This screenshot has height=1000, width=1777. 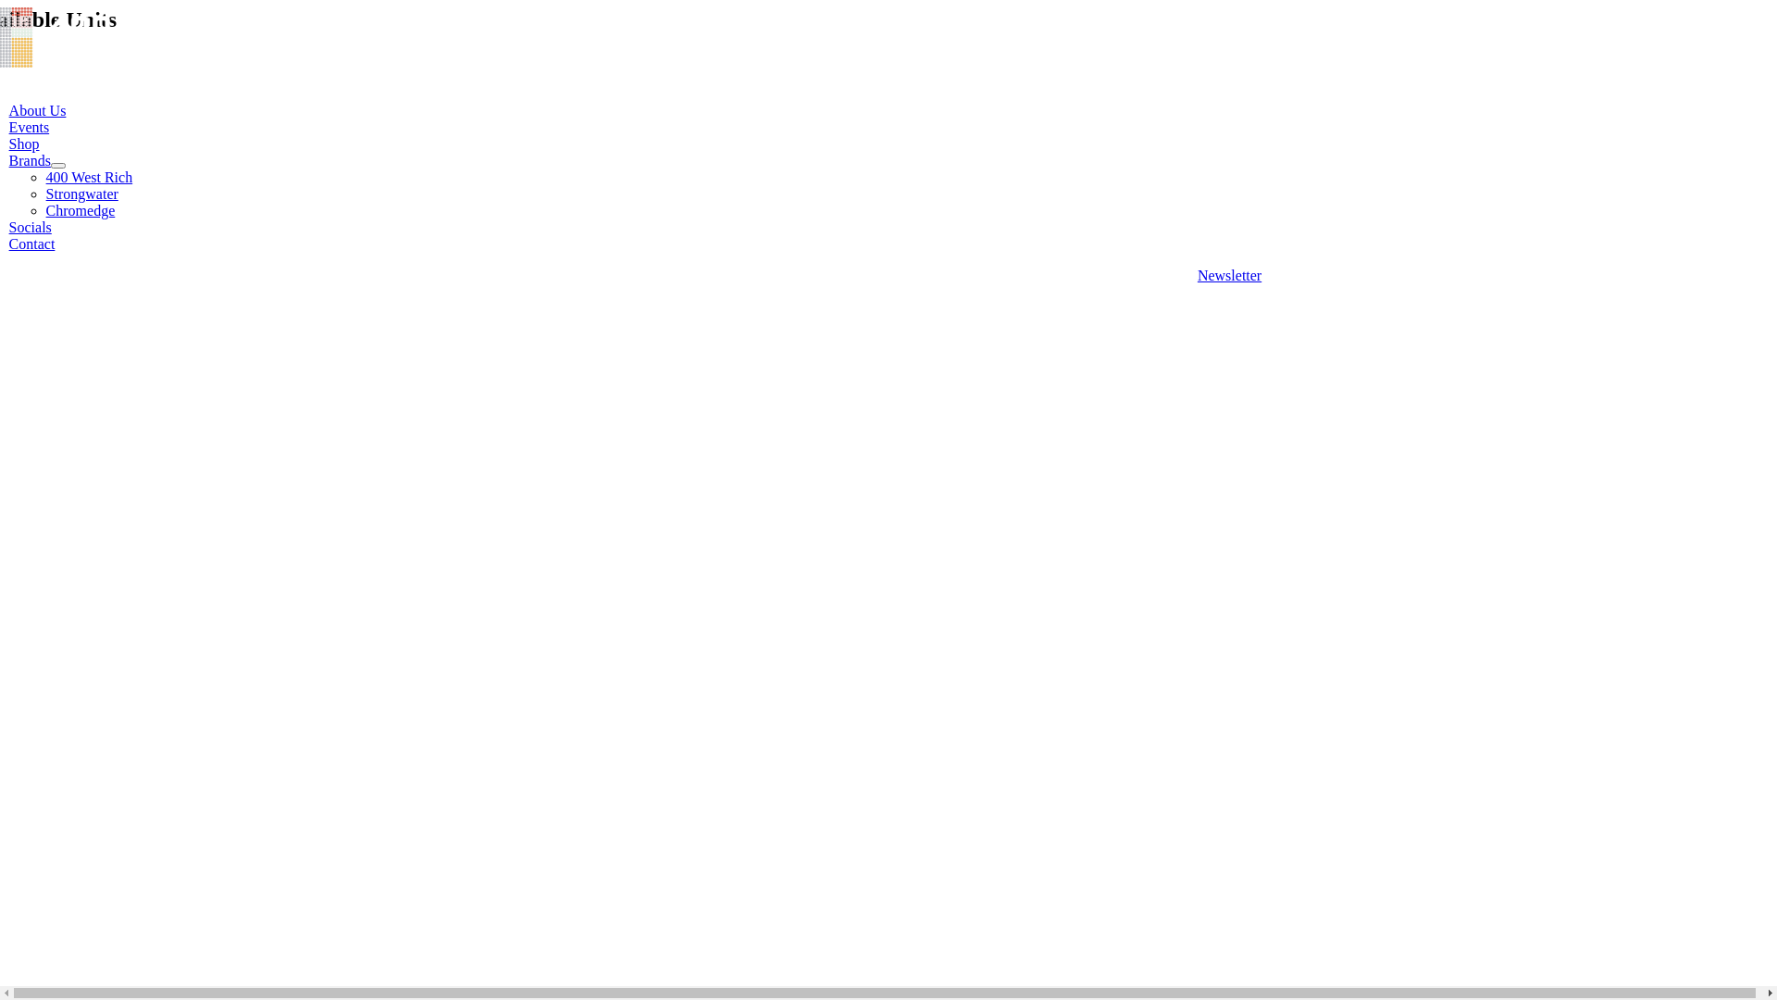 What do you see at coordinates (8, 126) in the screenshot?
I see `'Events'` at bounding box center [8, 126].